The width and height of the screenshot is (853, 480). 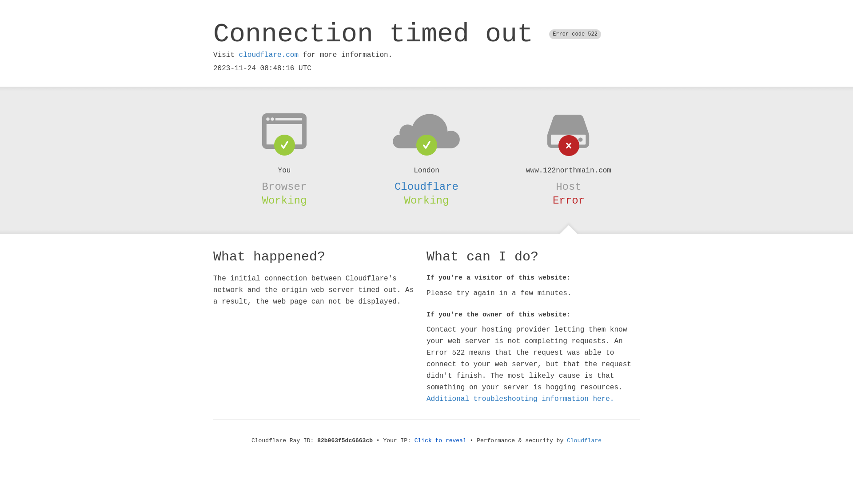 What do you see at coordinates (268, 55) in the screenshot?
I see `'cloudflare.com'` at bounding box center [268, 55].